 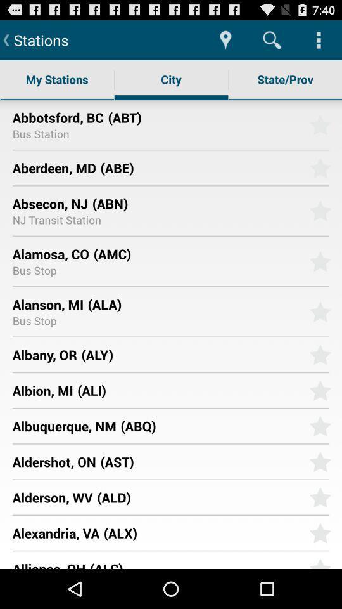 What do you see at coordinates (57, 117) in the screenshot?
I see `icon next to (abt) icon` at bounding box center [57, 117].